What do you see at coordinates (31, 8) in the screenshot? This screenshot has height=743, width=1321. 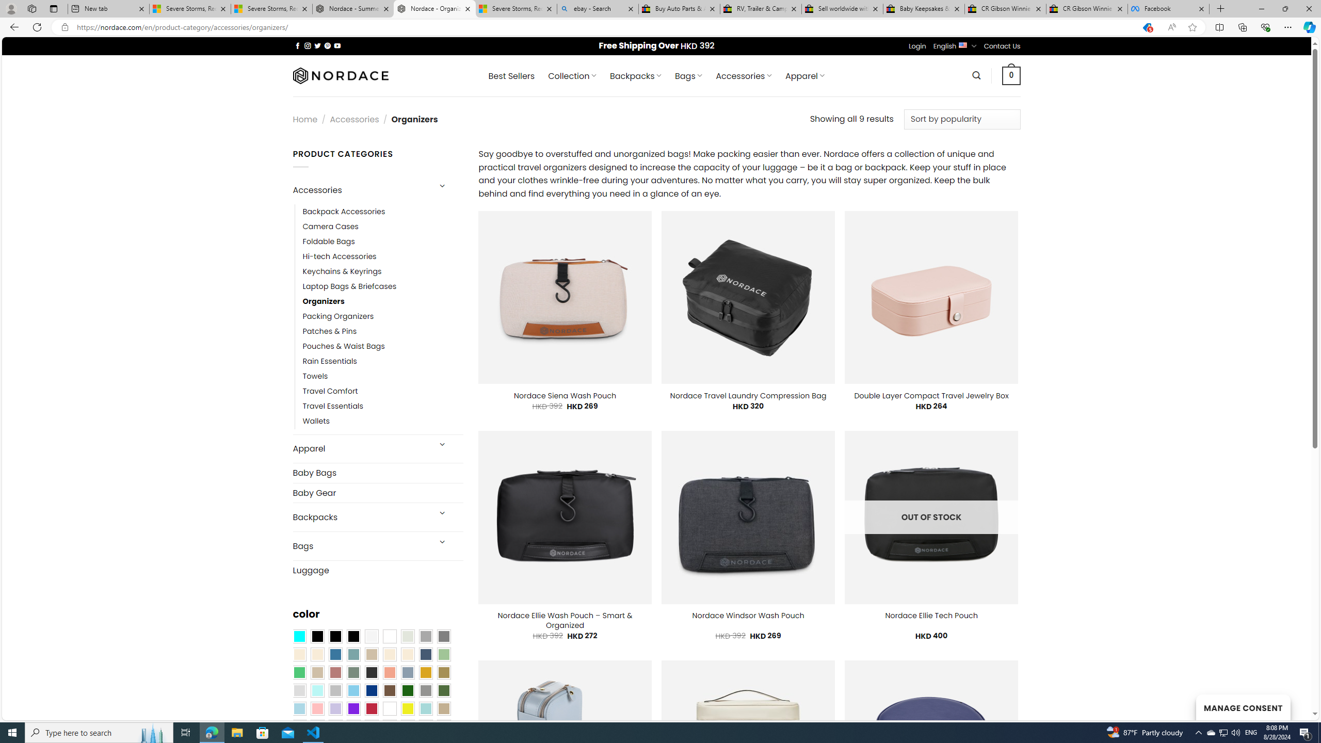 I see `'Workspaces'` at bounding box center [31, 8].